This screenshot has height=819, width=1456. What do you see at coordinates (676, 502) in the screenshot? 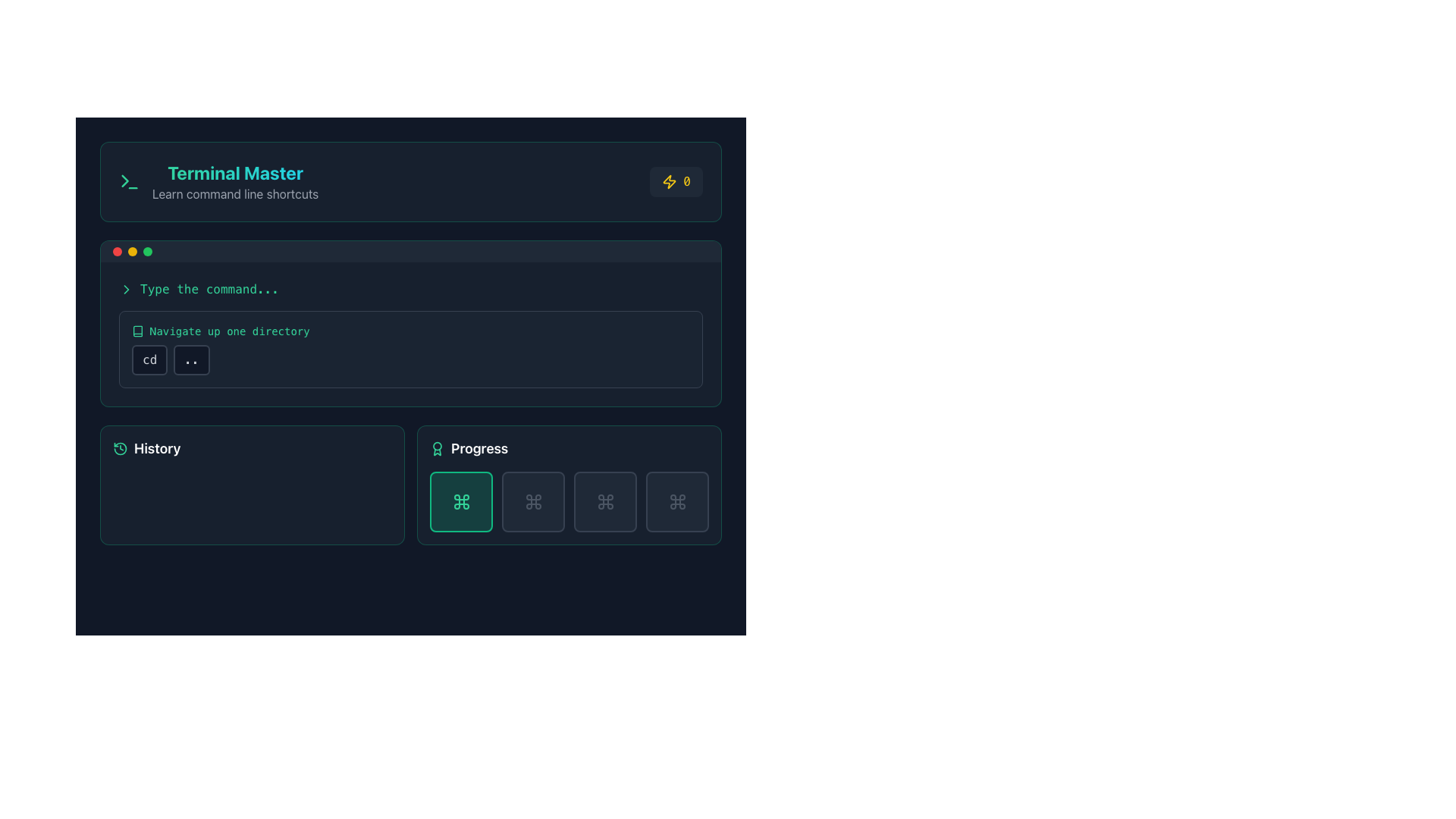
I see `the fourth icon in the horizontally arranged group under the 'Progress' section` at bounding box center [676, 502].